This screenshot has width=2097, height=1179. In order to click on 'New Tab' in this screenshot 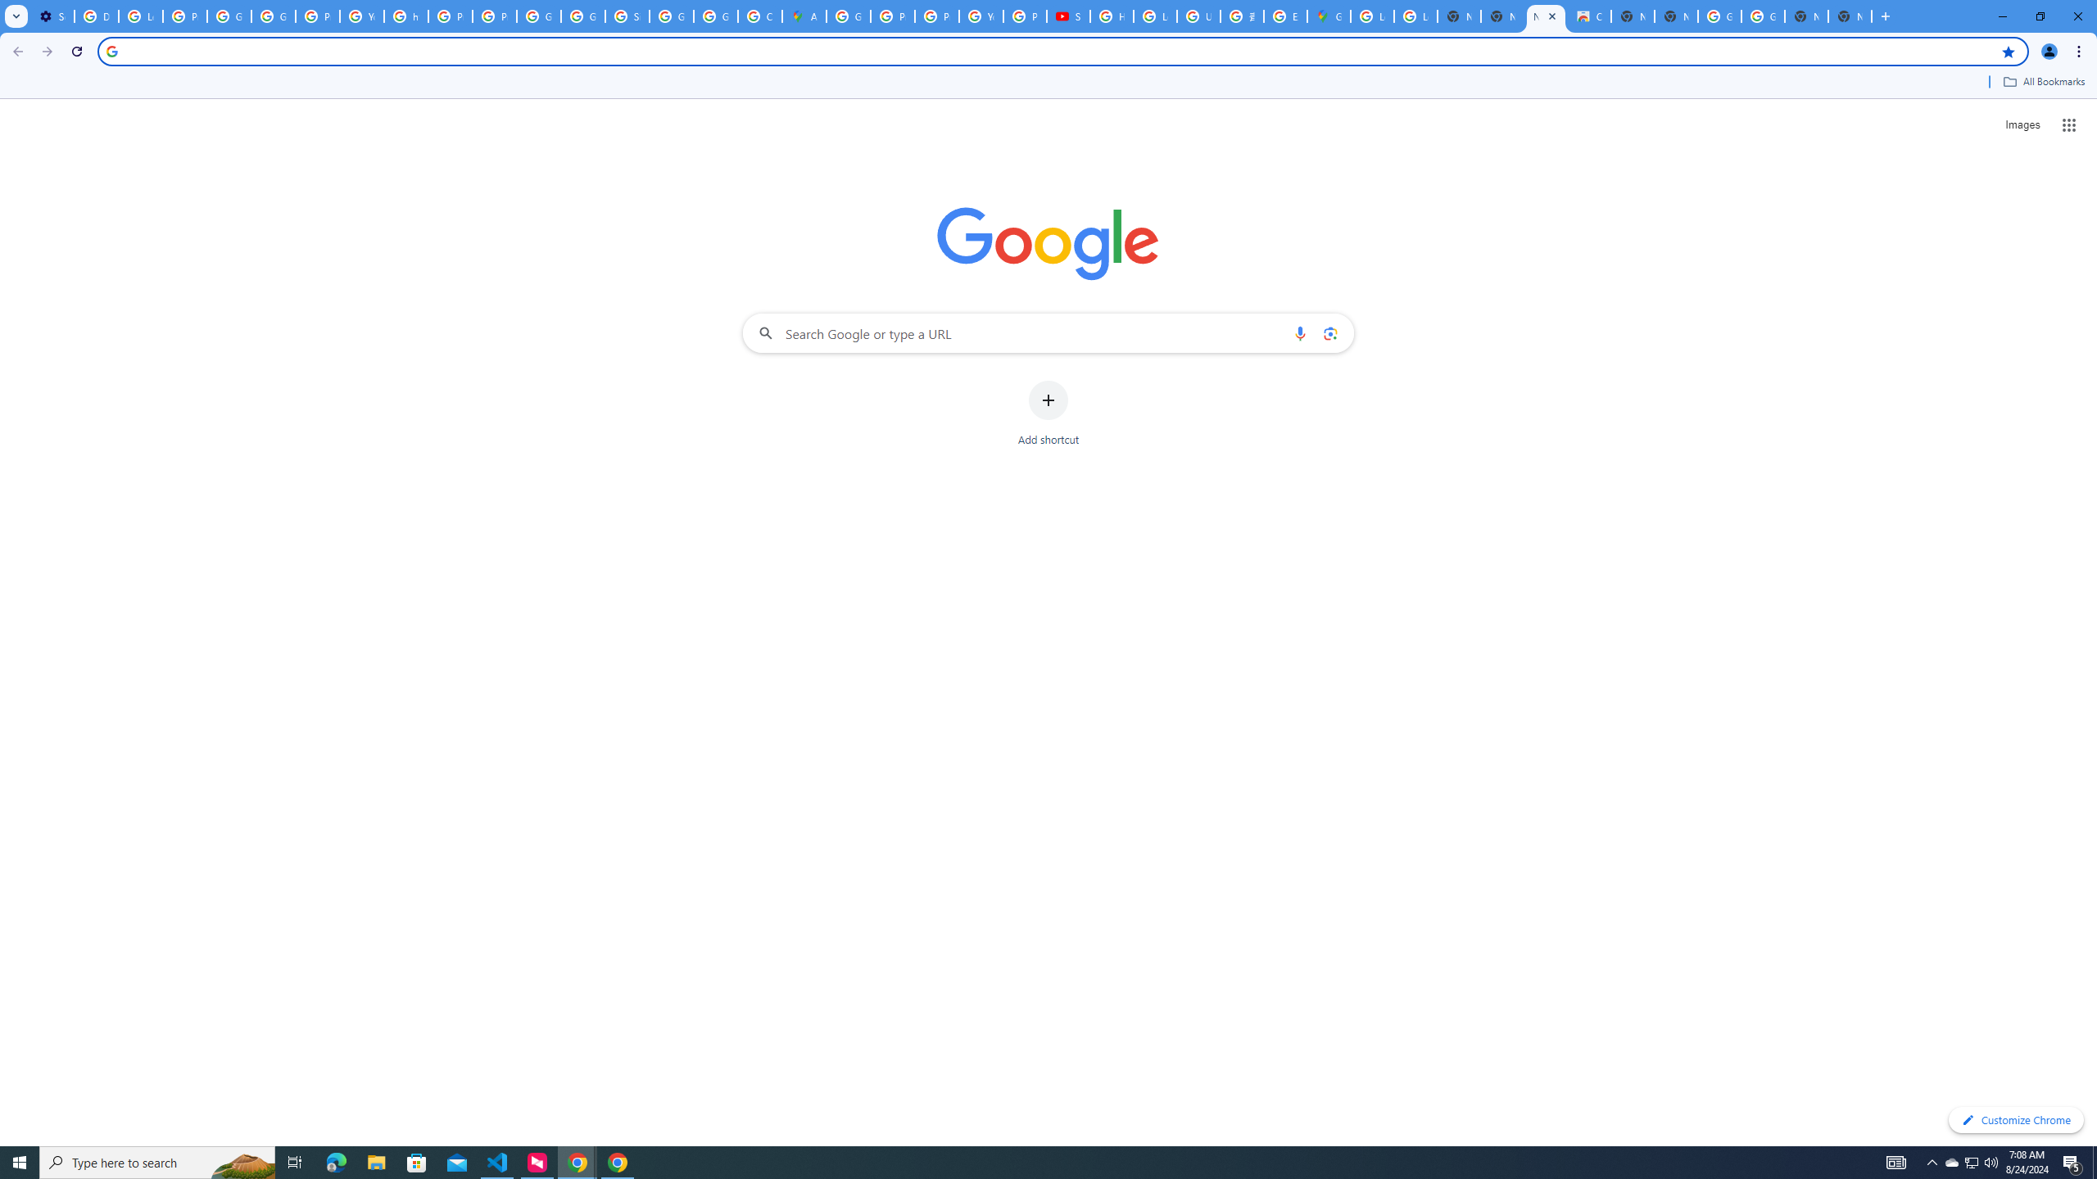, I will do `click(1849, 16)`.